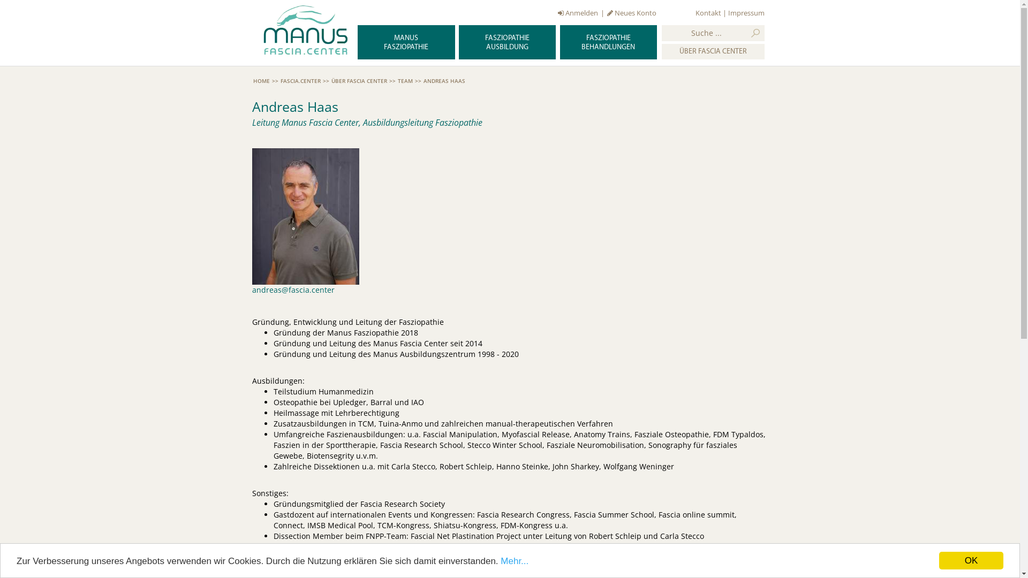 The height and width of the screenshot is (578, 1028). I want to click on 'Neues Konto', so click(632, 12).